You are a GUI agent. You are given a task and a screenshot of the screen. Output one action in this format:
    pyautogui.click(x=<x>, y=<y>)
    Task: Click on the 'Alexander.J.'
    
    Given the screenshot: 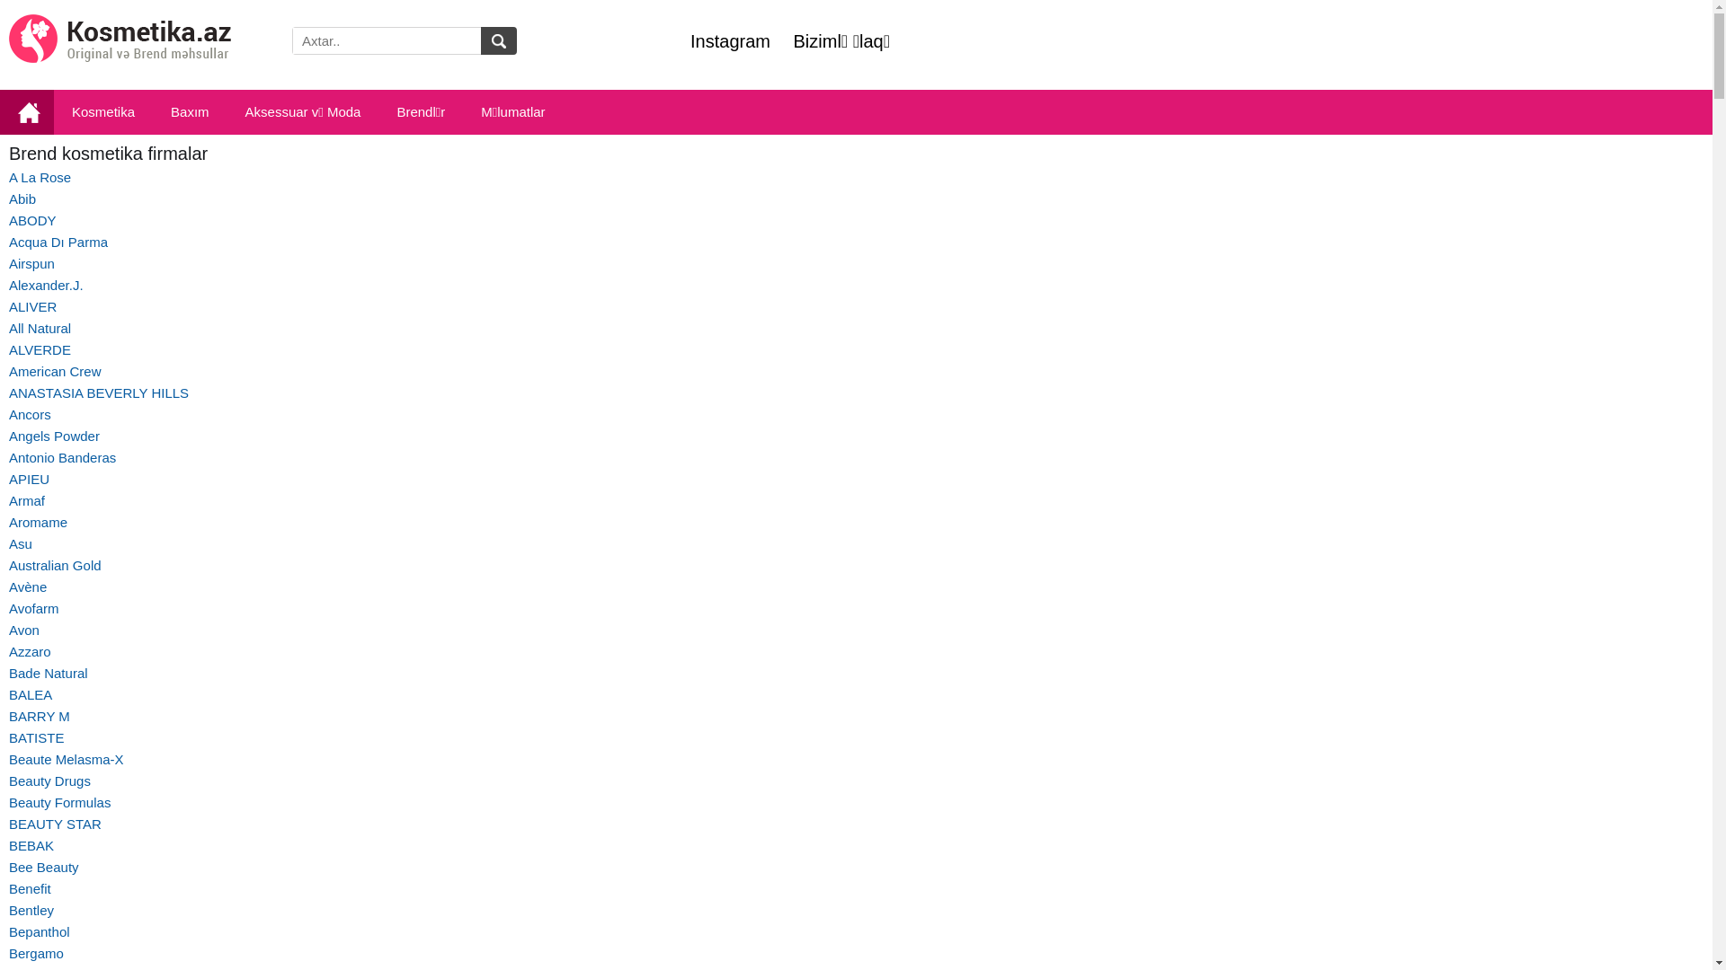 What is the action you would take?
    pyautogui.click(x=8, y=284)
    